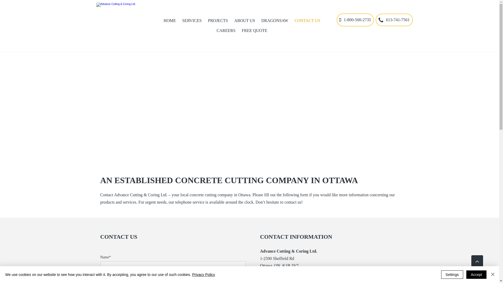 This screenshot has height=283, width=503. Describe the element at coordinates (170, 20) in the screenshot. I see `'HOME'` at that location.